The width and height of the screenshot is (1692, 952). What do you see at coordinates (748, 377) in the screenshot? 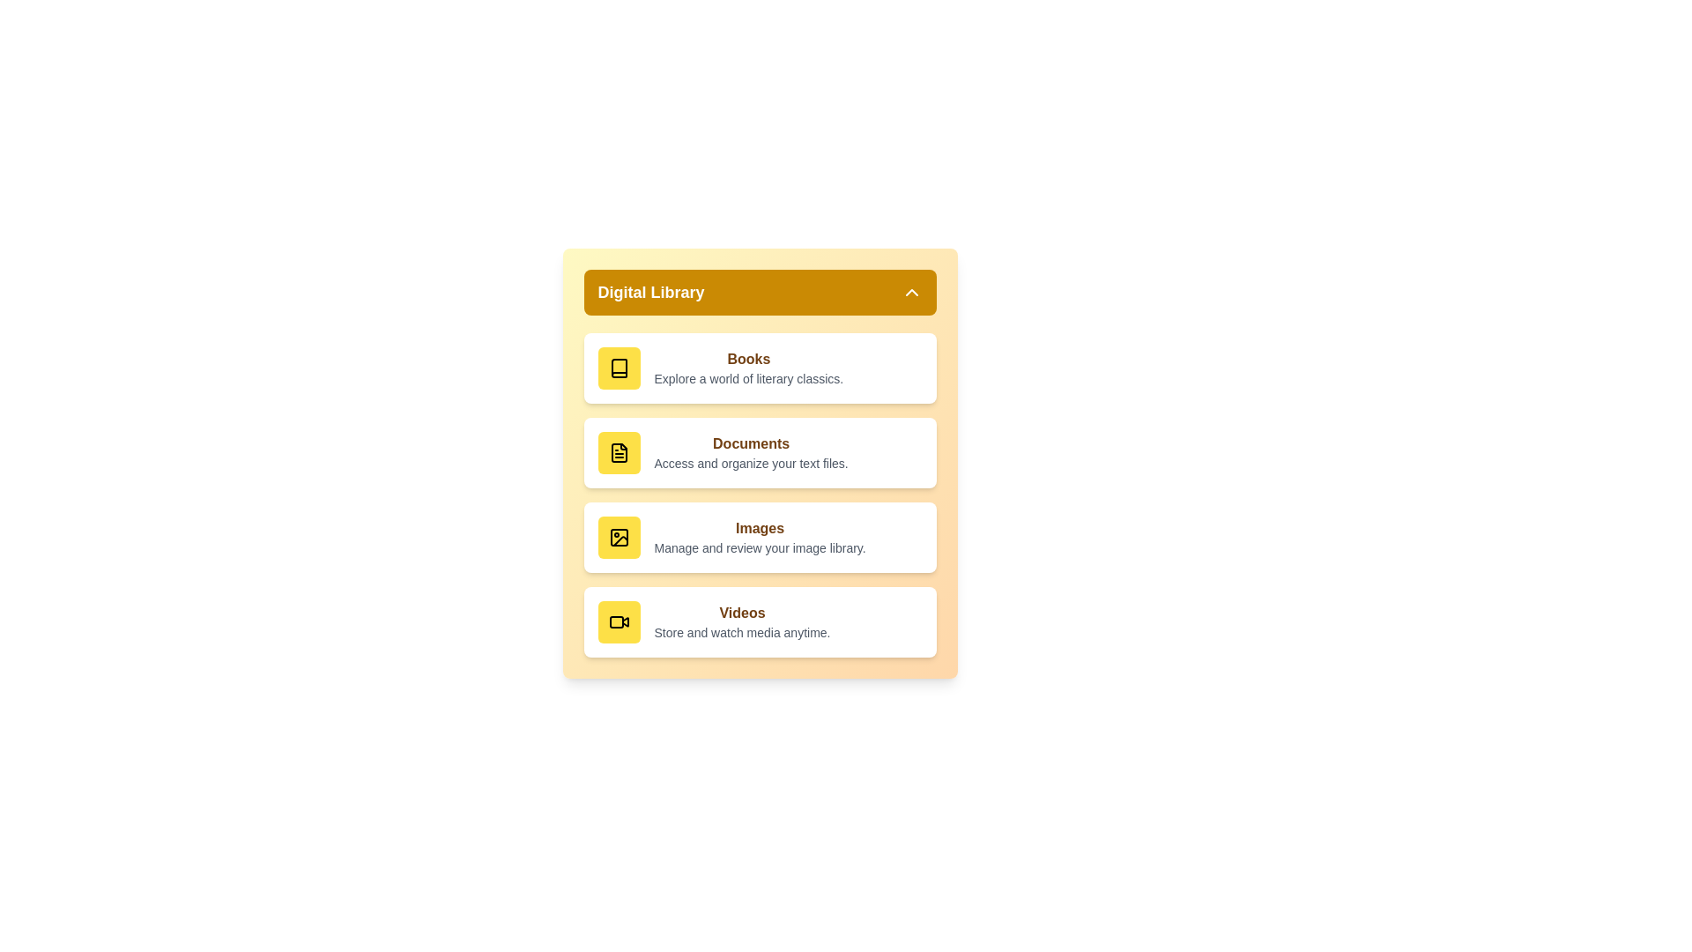
I see `the description of the Books section` at bounding box center [748, 377].